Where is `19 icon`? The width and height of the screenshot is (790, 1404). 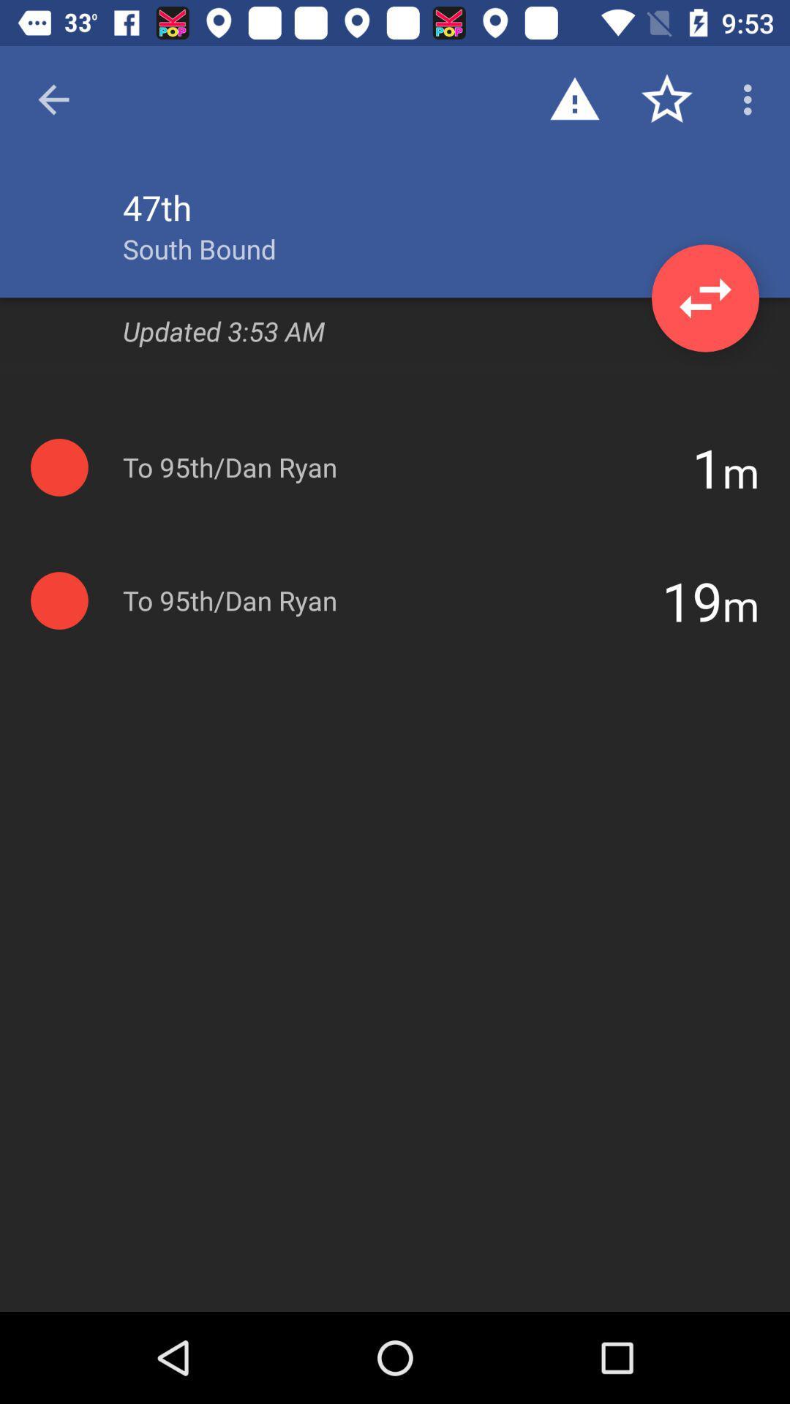 19 icon is located at coordinates (691, 600).